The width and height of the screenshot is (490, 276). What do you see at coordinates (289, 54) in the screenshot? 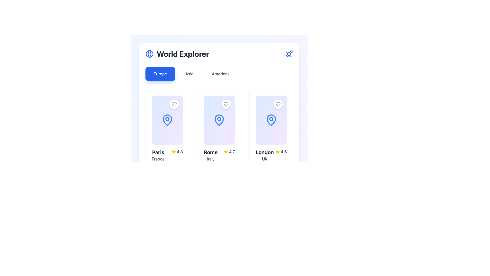
I see `the icon located at the top-right corner, aligned with the 'World Explorer' title heading` at bounding box center [289, 54].